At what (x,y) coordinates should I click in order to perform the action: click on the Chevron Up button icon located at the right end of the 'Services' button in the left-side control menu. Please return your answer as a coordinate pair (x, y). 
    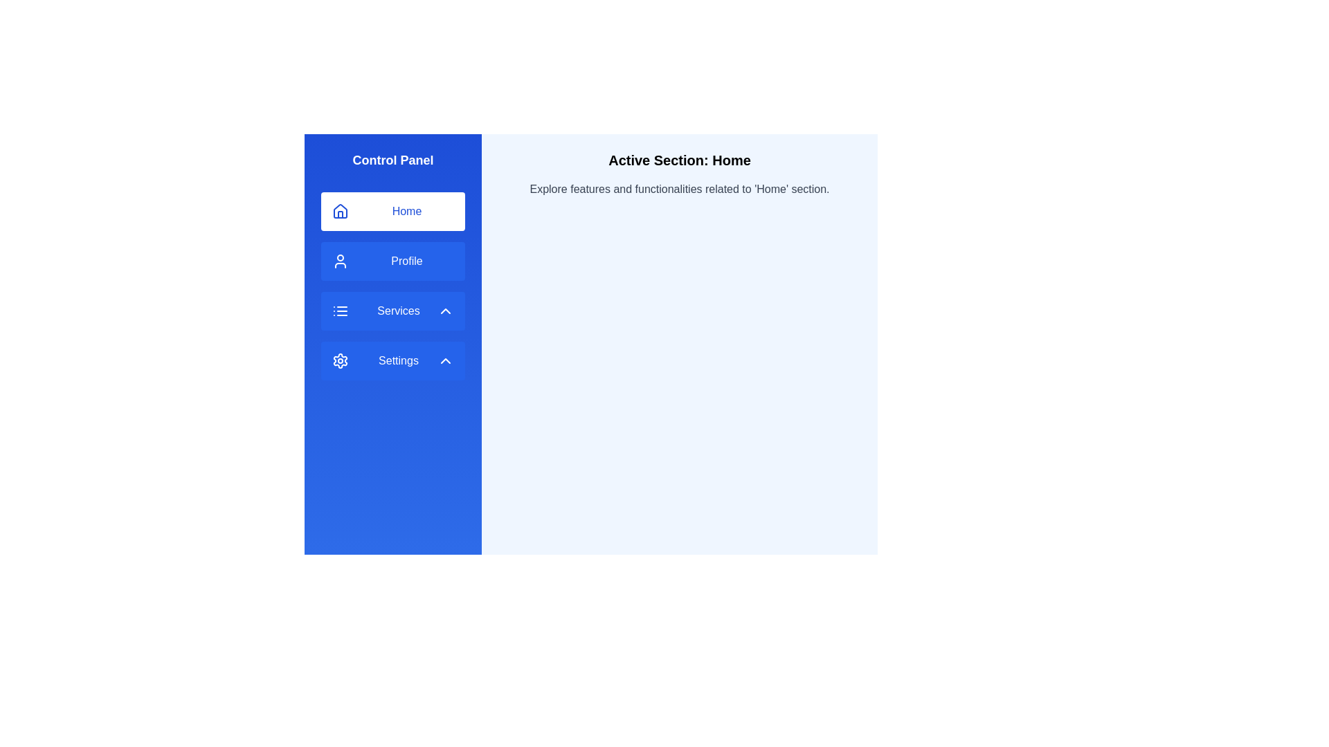
    Looking at the image, I should click on (445, 311).